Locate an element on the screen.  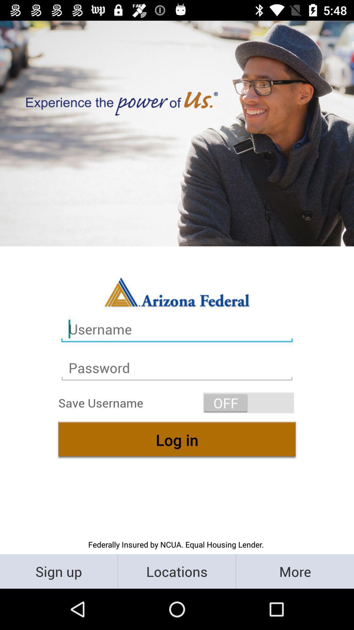
item to the right of locations icon is located at coordinates (294, 571).